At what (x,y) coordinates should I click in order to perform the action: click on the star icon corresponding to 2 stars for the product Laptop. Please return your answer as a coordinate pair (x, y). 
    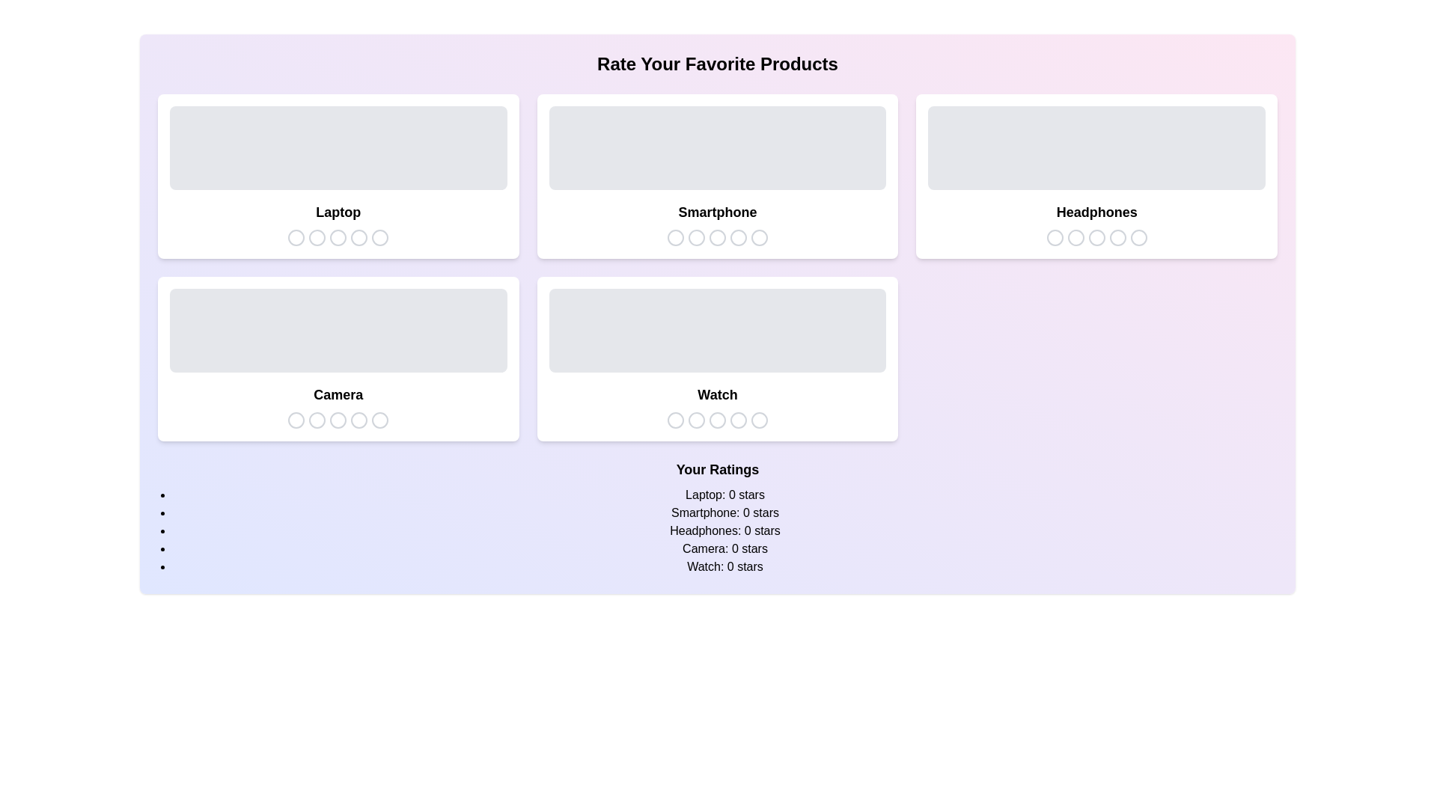
    Looking at the image, I should click on (316, 236).